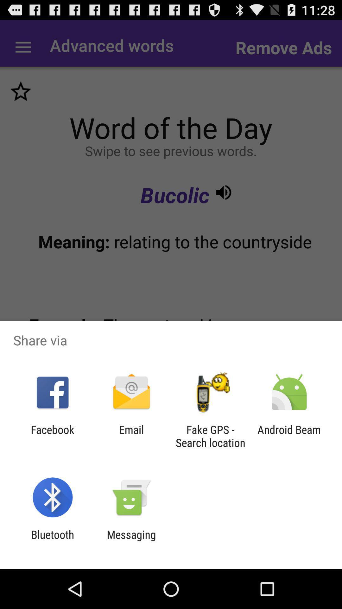  What do you see at coordinates (210, 436) in the screenshot?
I see `the icon to the left of the android beam` at bounding box center [210, 436].